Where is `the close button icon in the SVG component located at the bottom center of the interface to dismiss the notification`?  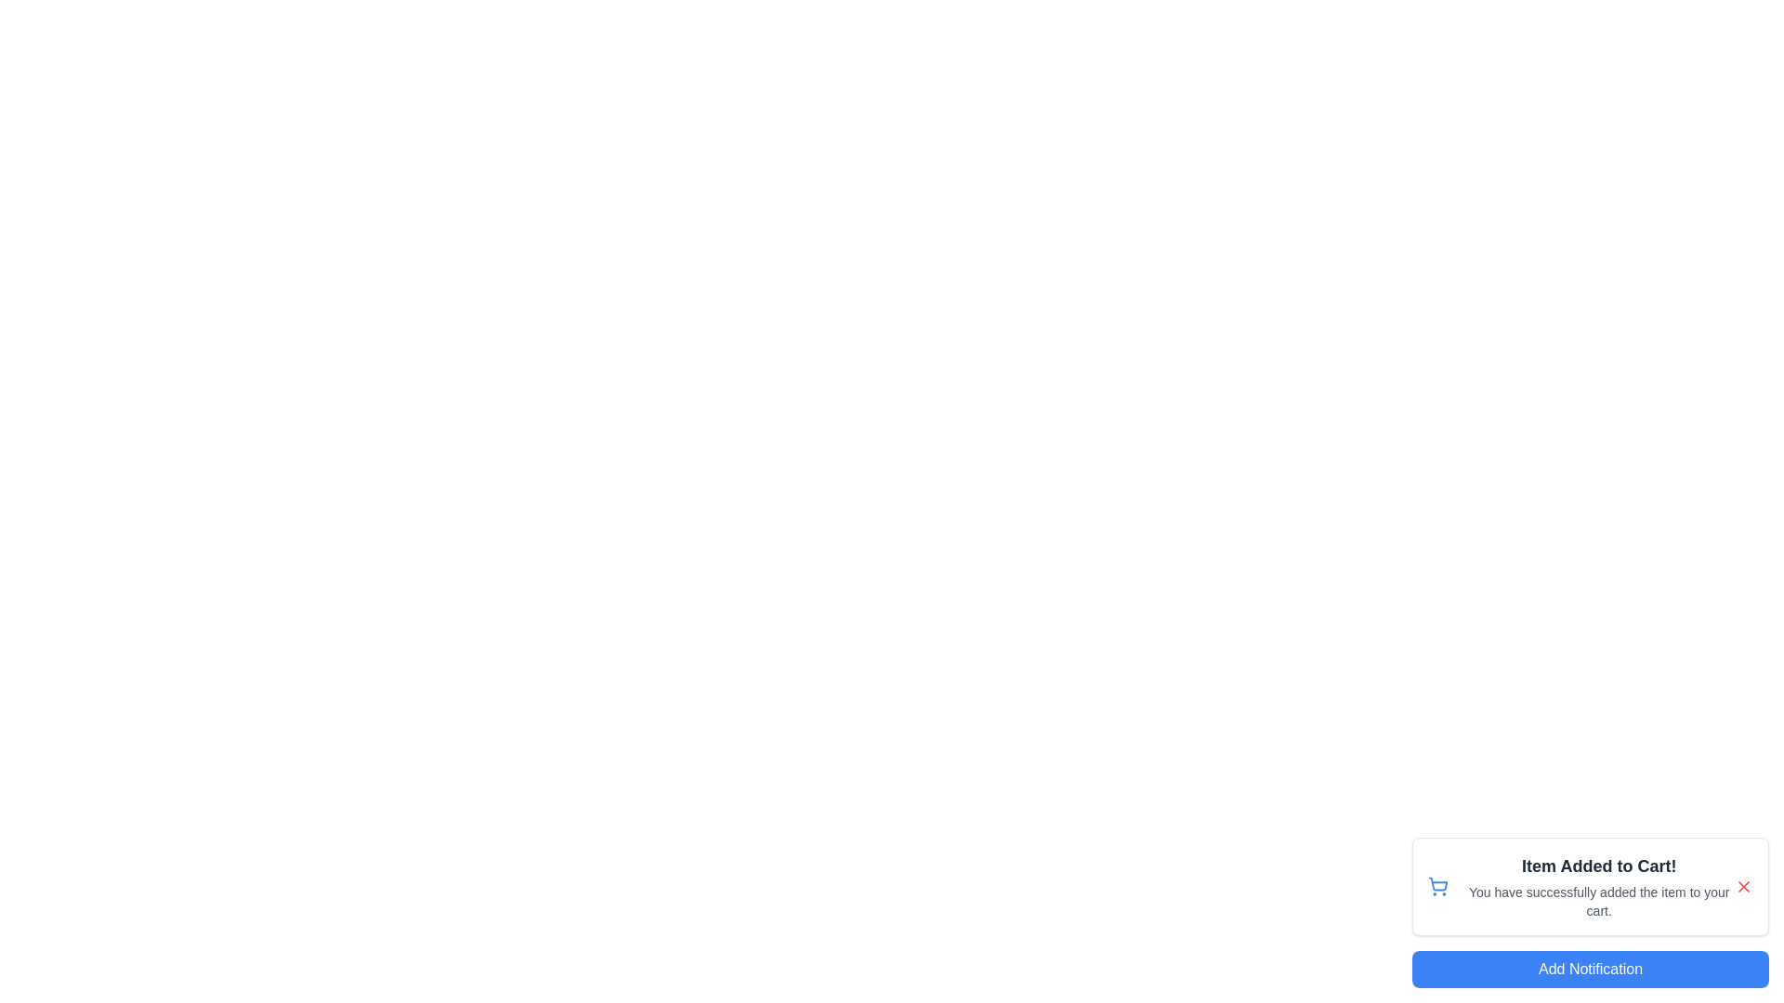
the close button icon in the SVG component located at the bottom center of the interface to dismiss the notification is located at coordinates (1742, 886).